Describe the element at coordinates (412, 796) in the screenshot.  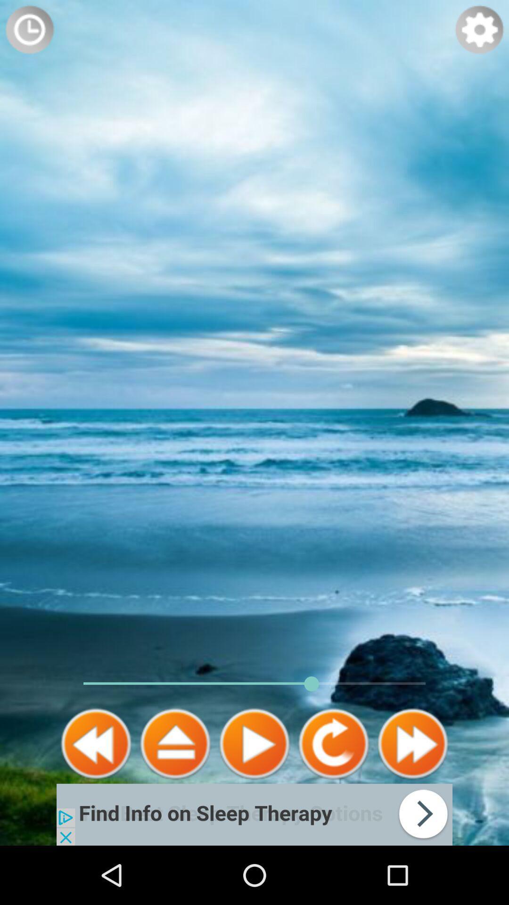
I see `the av_forward icon` at that location.